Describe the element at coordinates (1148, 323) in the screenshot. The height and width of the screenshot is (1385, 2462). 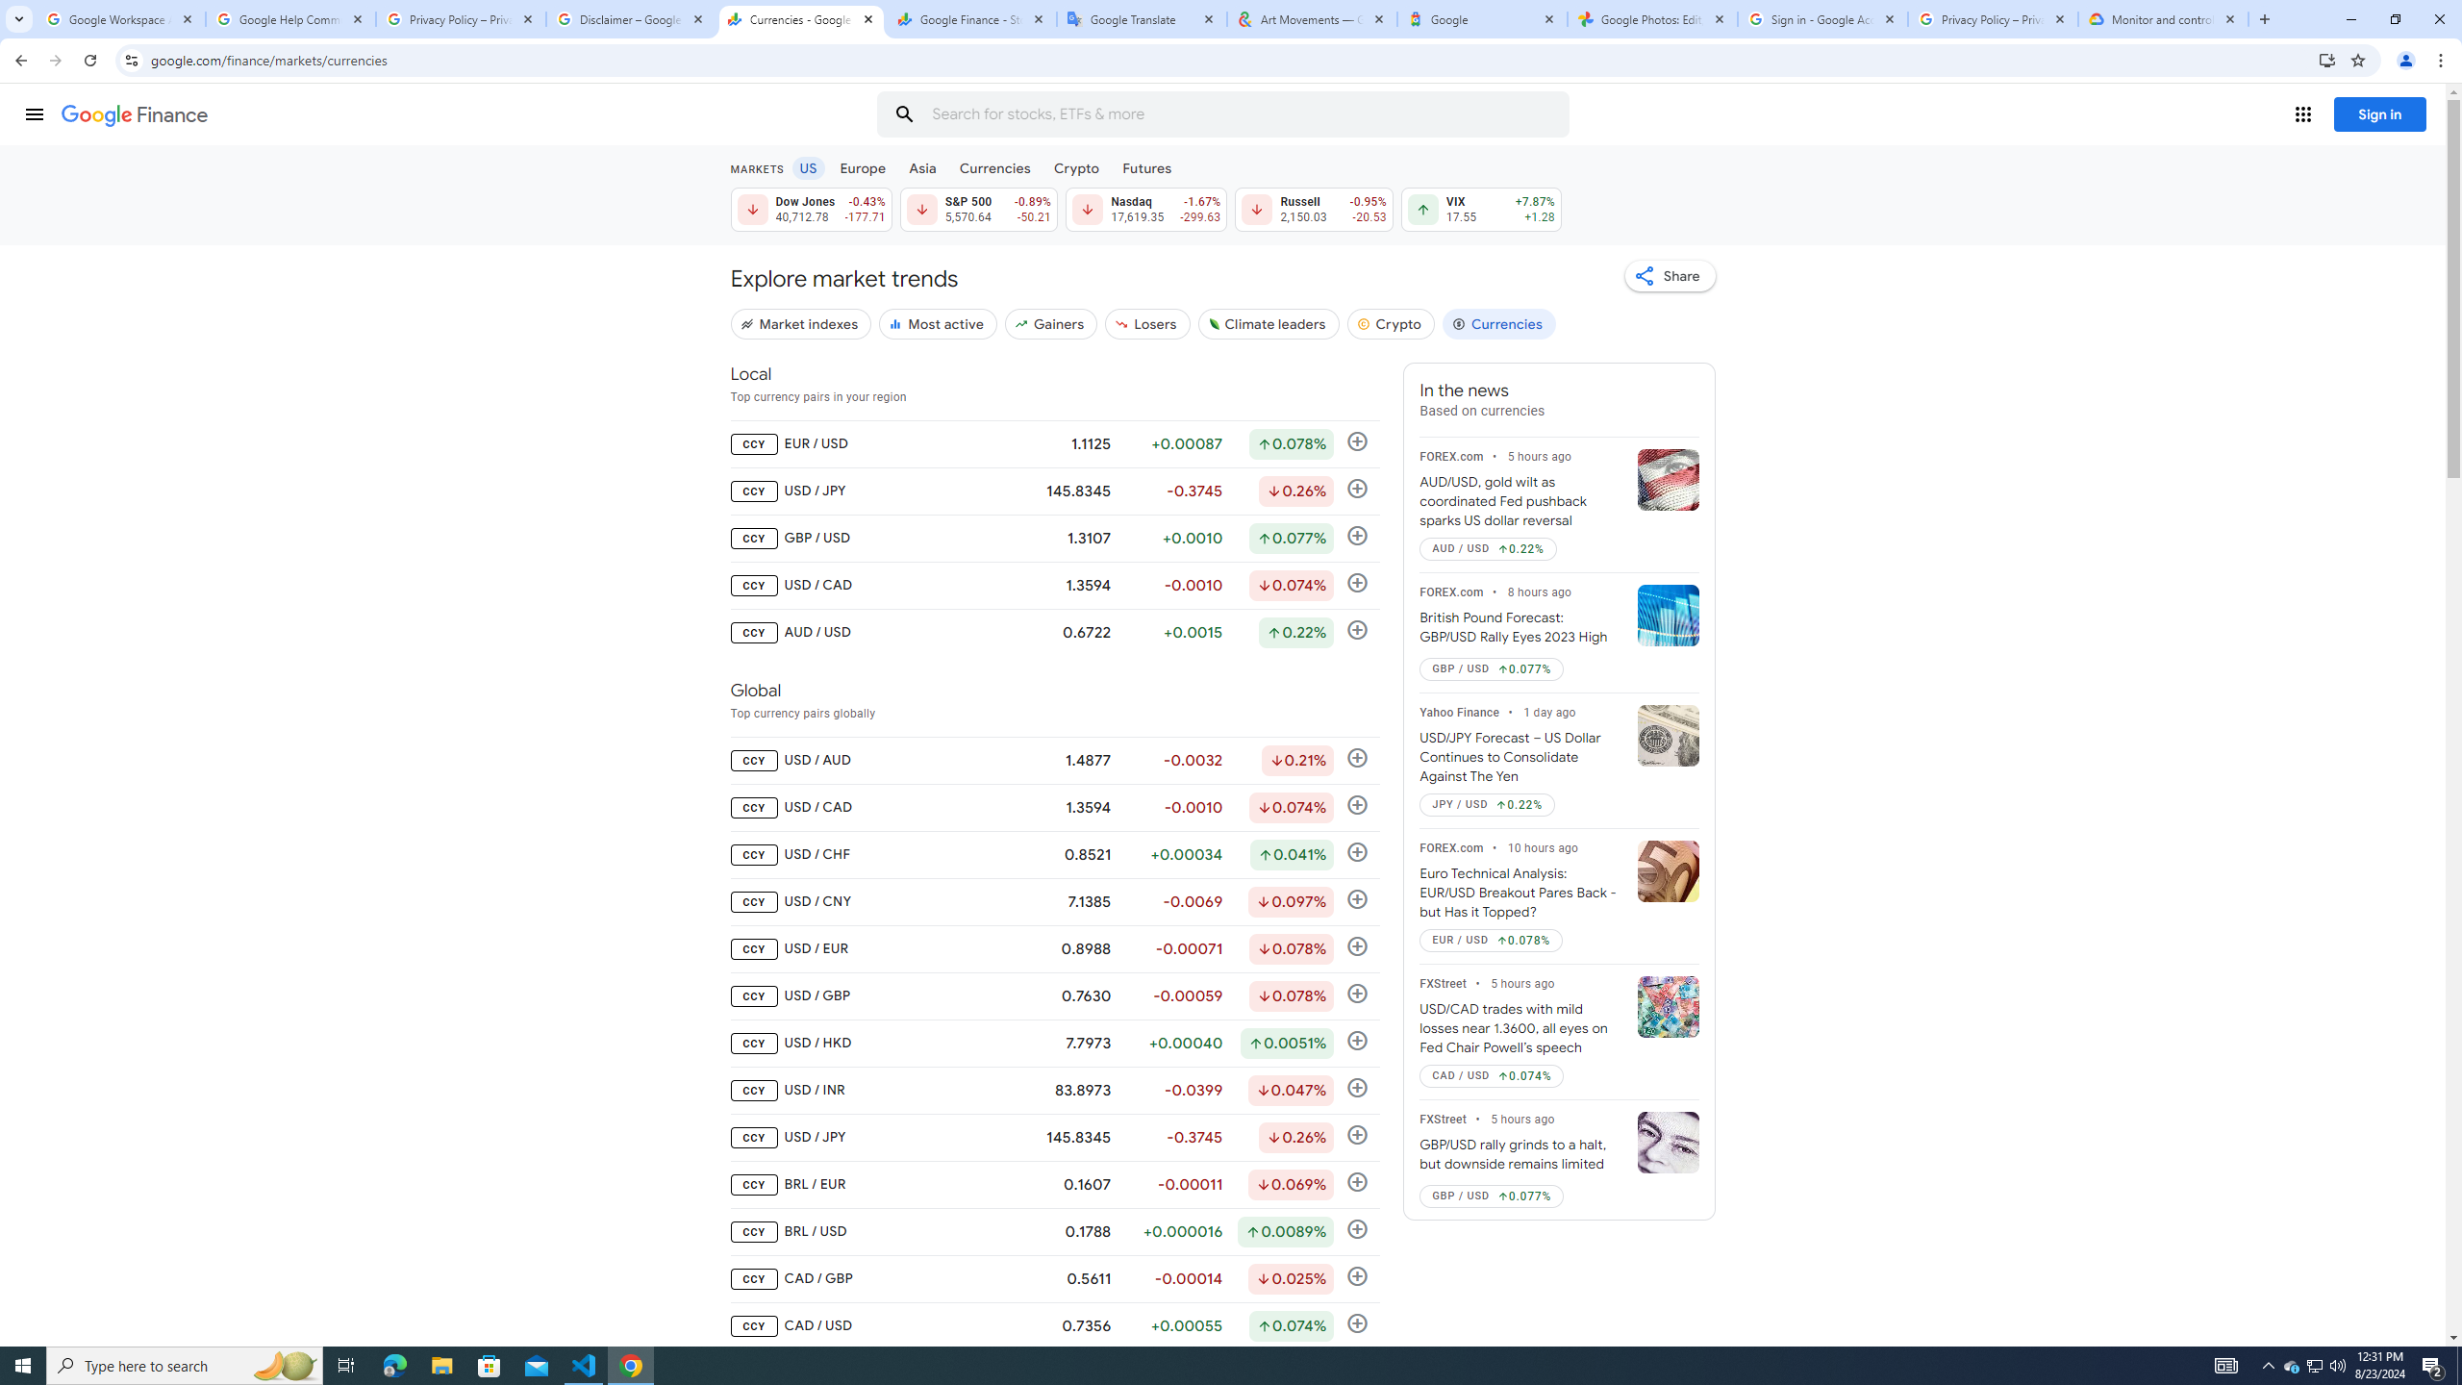
I see `'Losers'` at that location.